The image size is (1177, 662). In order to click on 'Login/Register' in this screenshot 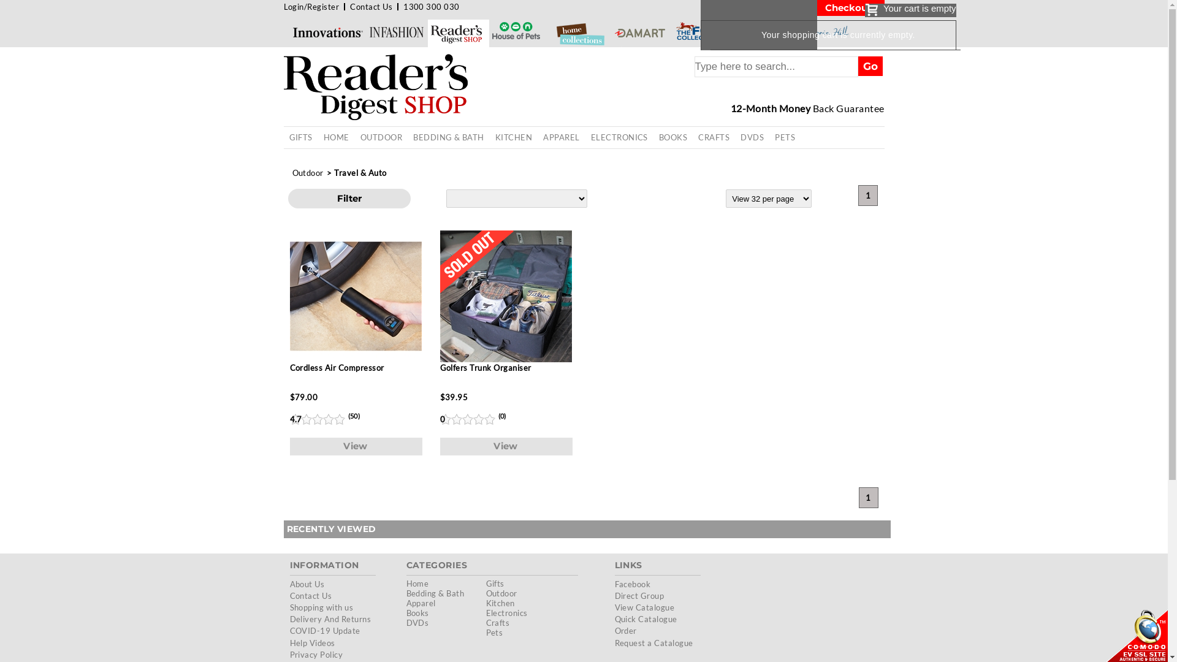, I will do `click(282, 7)`.